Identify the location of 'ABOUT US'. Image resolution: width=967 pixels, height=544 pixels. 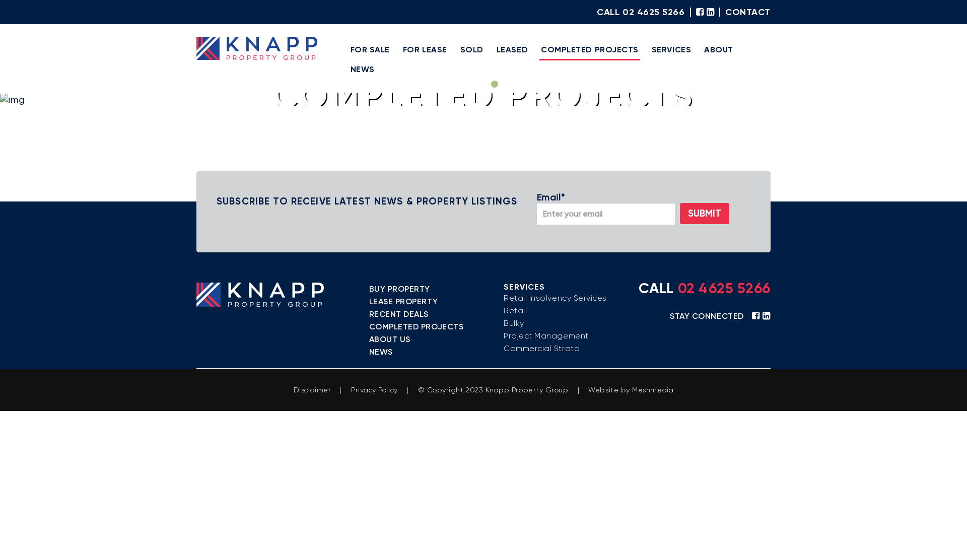
(388, 339).